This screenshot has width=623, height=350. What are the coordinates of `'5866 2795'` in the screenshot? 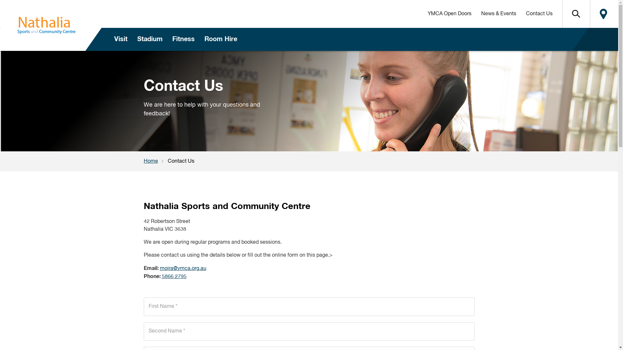 It's located at (174, 276).